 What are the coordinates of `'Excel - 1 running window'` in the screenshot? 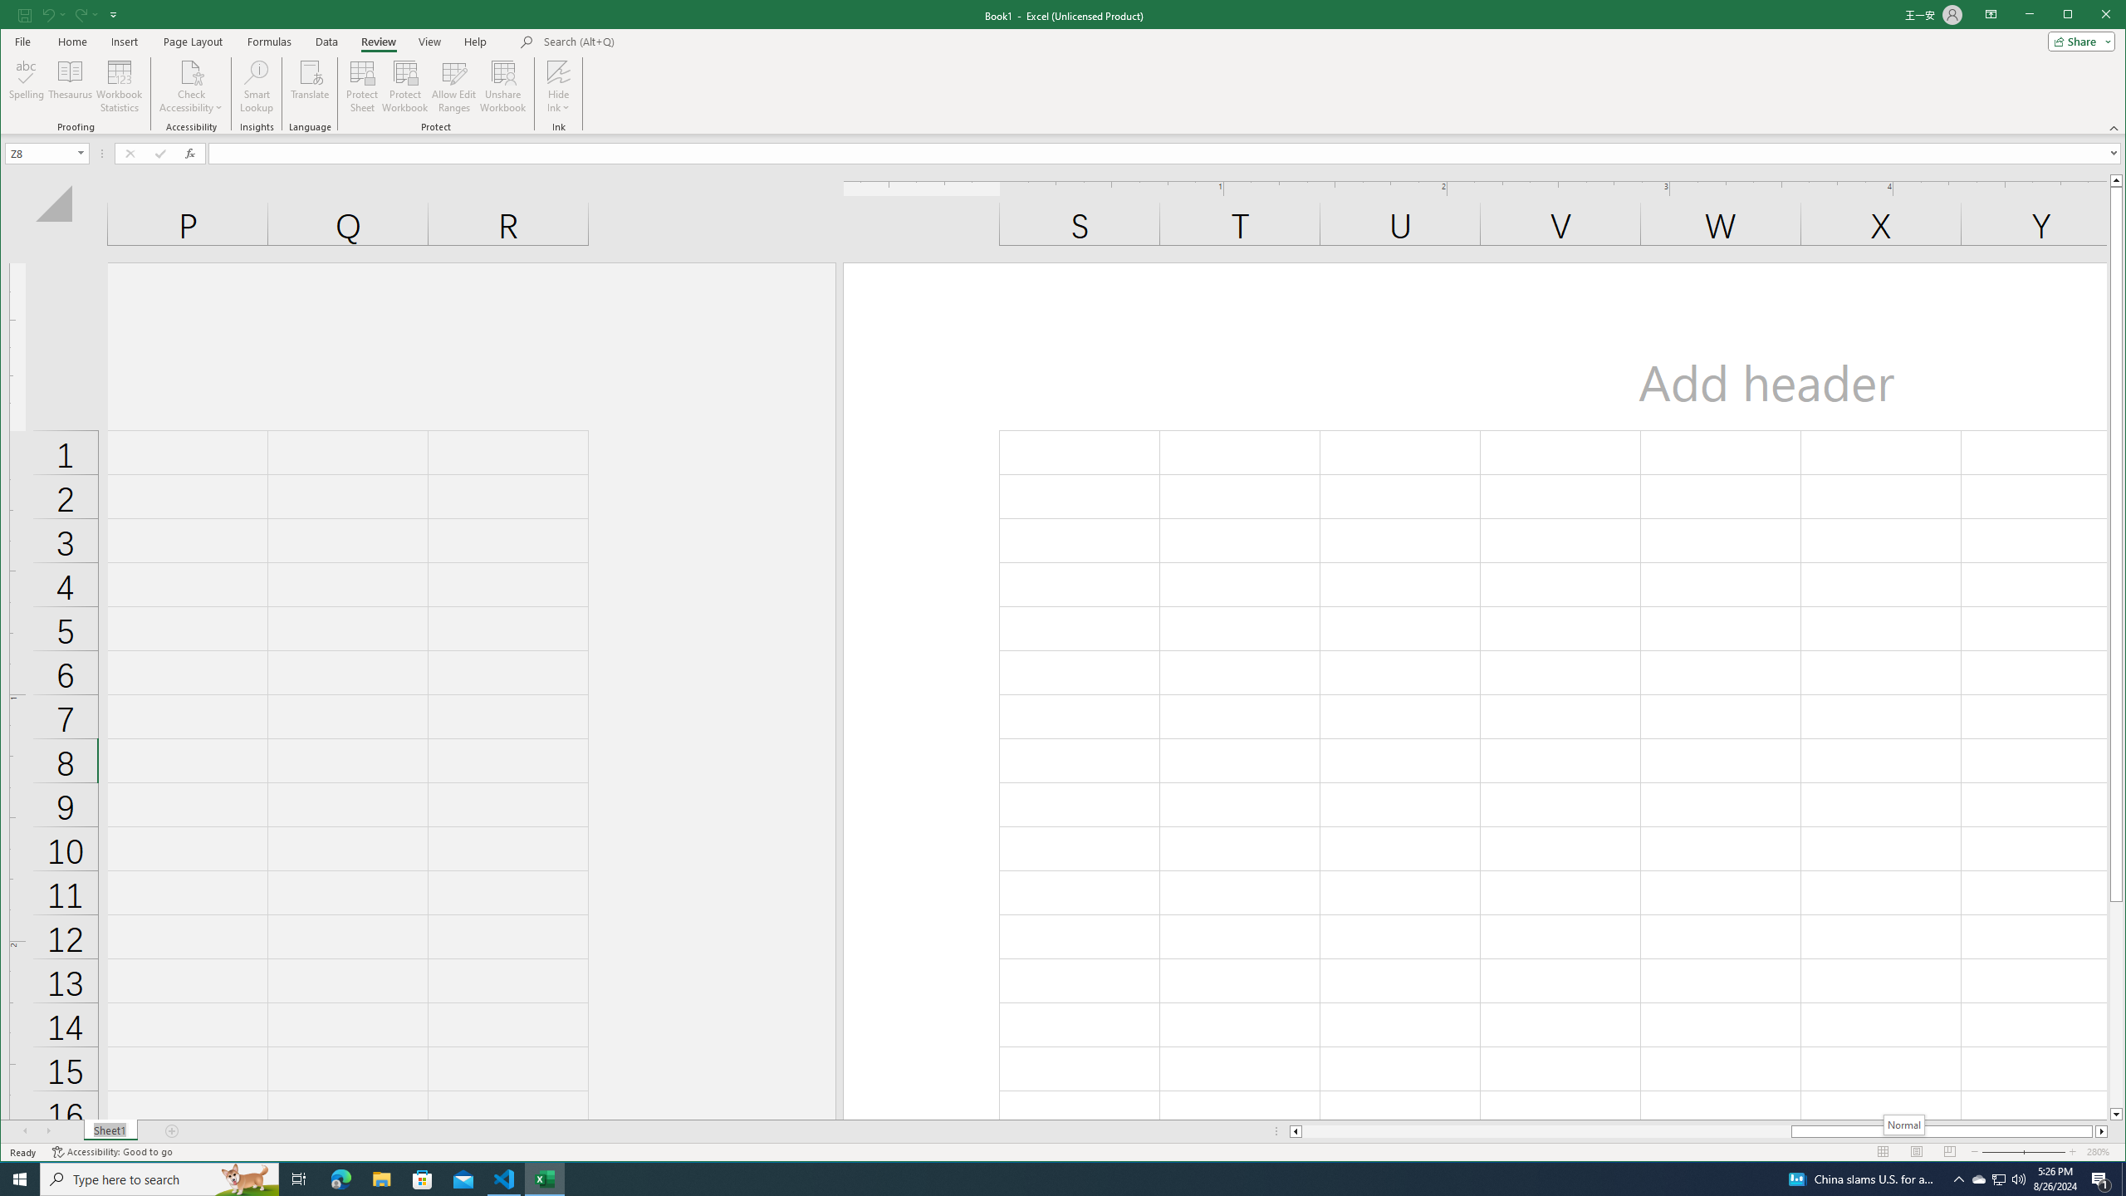 It's located at (545, 1178).